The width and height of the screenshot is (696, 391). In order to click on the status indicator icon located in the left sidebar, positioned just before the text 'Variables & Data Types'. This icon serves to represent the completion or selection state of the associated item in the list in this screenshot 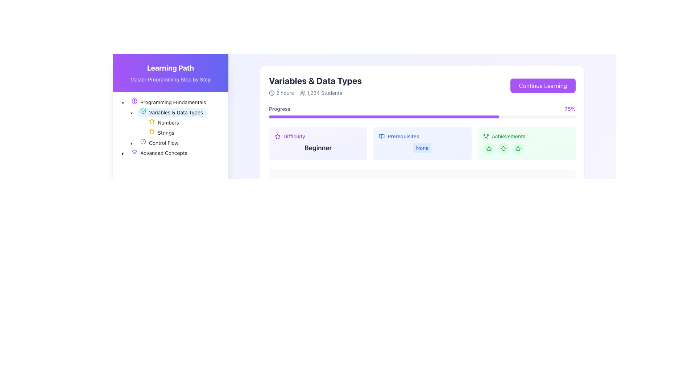, I will do `click(144, 113)`.